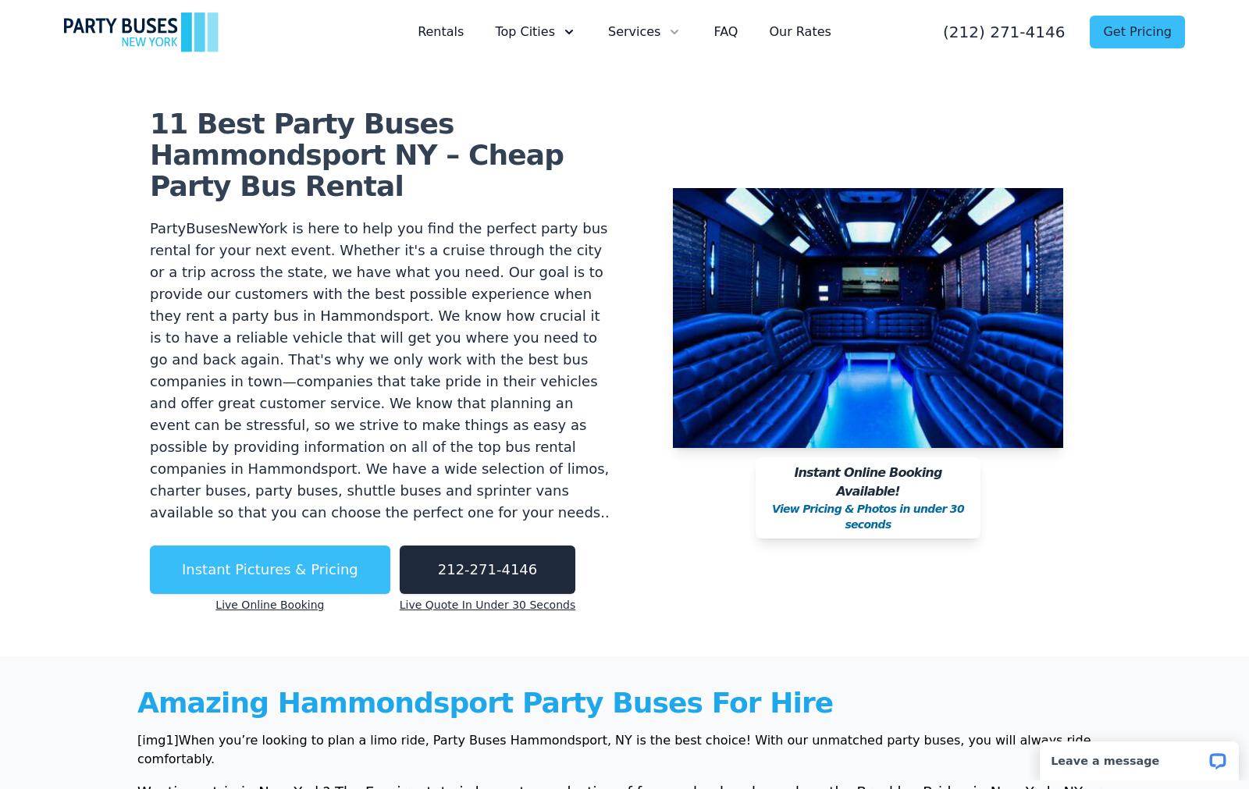 This screenshot has height=789, width=1249. What do you see at coordinates (799, 30) in the screenshot?
I see `'Our Rates'` at bounding box center [799, 30].